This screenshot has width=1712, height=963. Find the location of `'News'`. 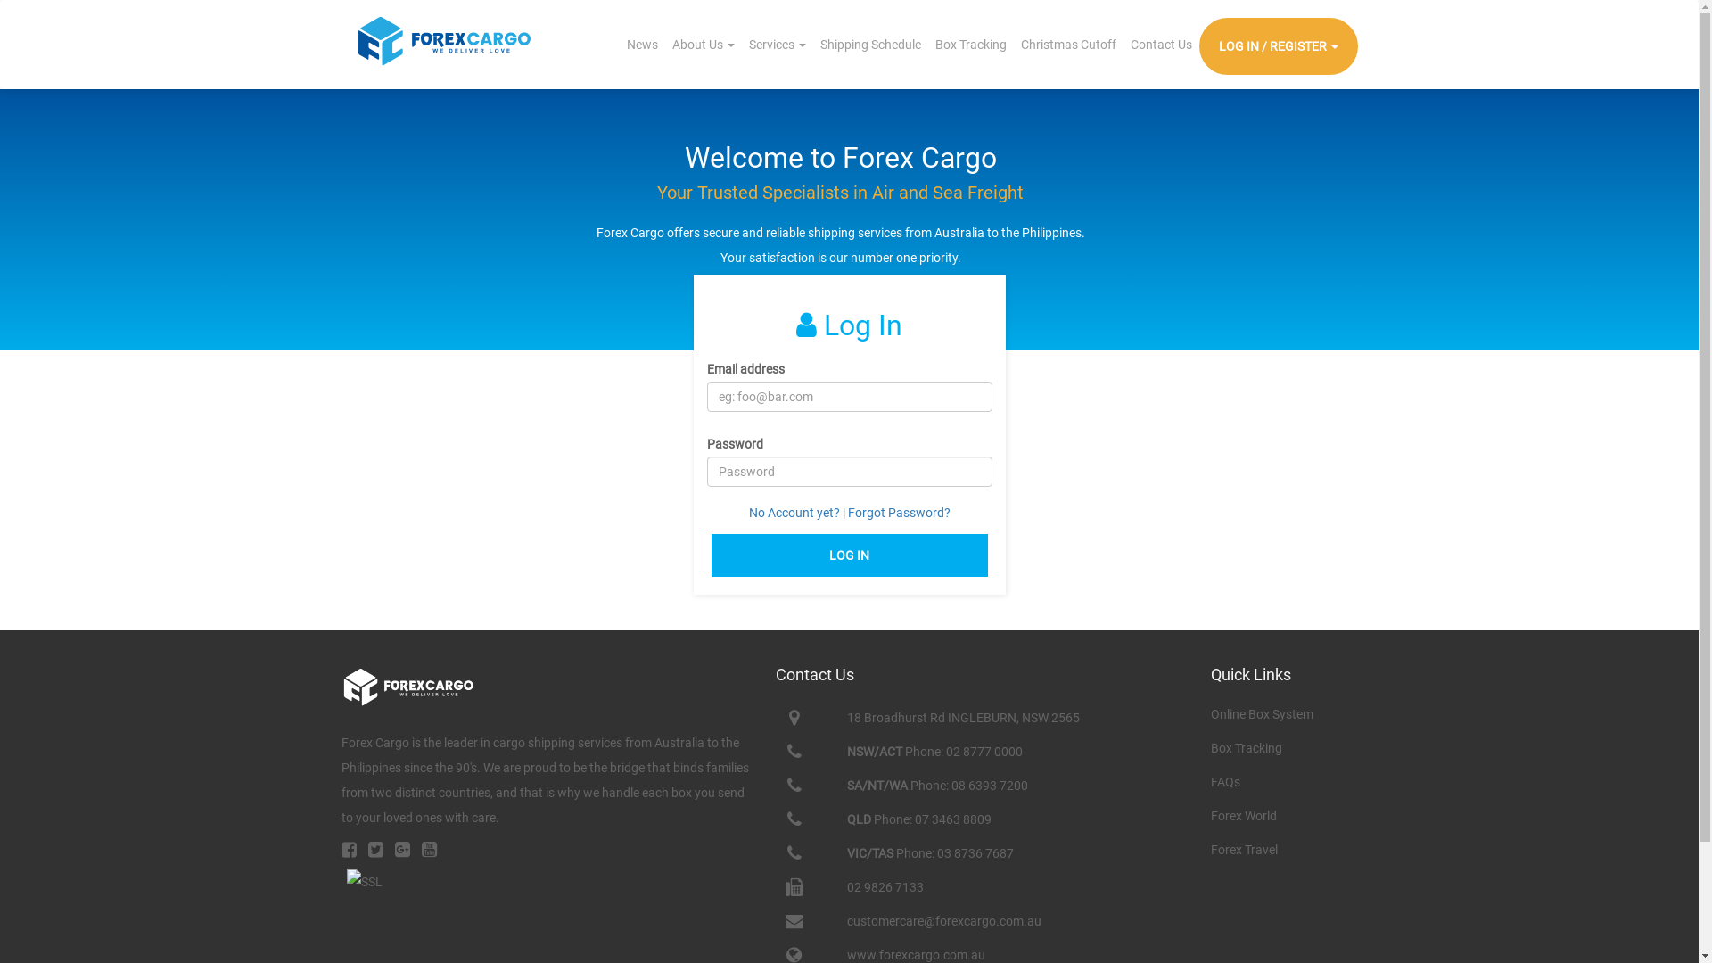

'News' is located at coordinates (641, 44).